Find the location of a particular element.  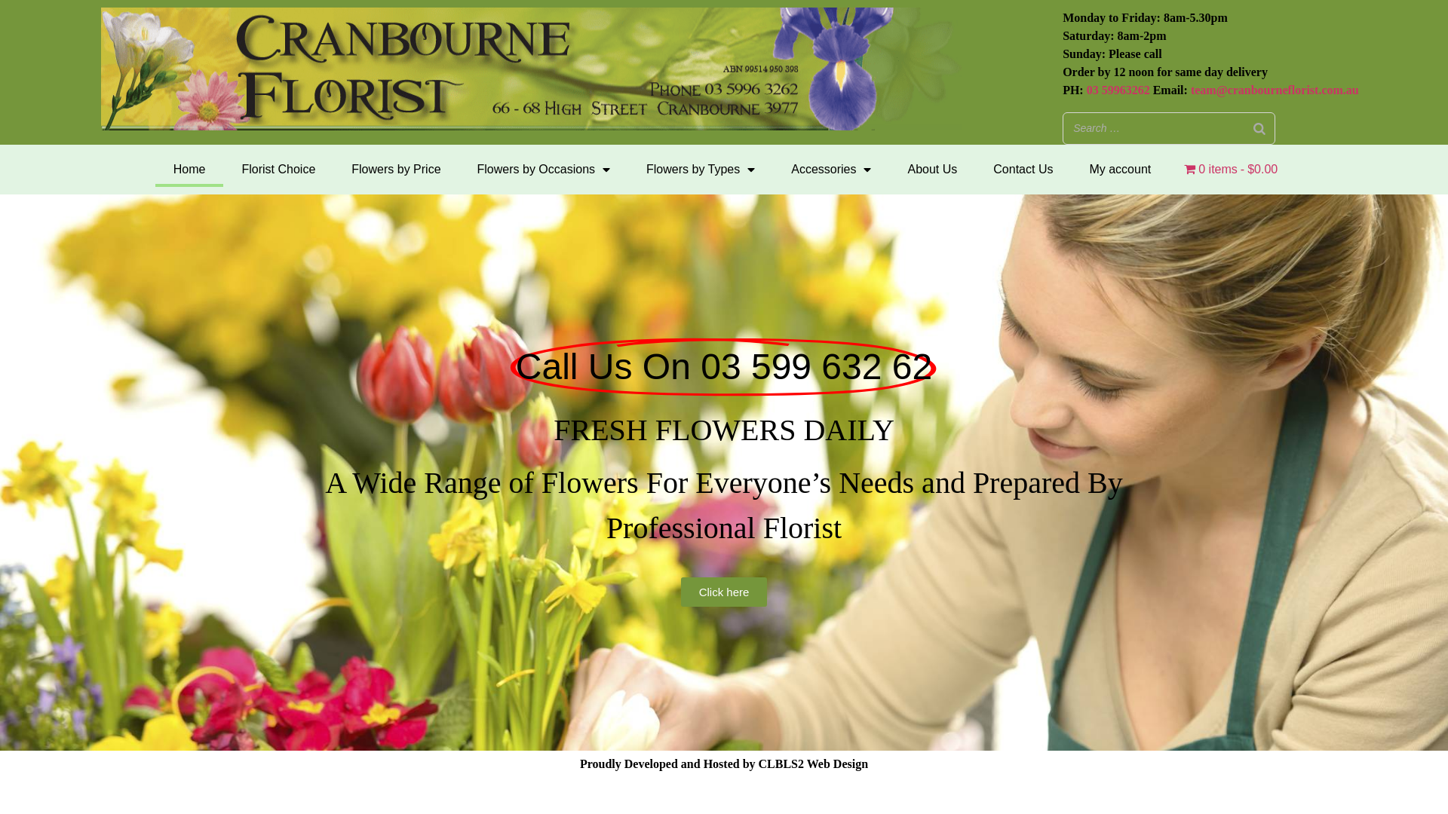

'Flowers by Occasions' is located at coordinates (543, 169).